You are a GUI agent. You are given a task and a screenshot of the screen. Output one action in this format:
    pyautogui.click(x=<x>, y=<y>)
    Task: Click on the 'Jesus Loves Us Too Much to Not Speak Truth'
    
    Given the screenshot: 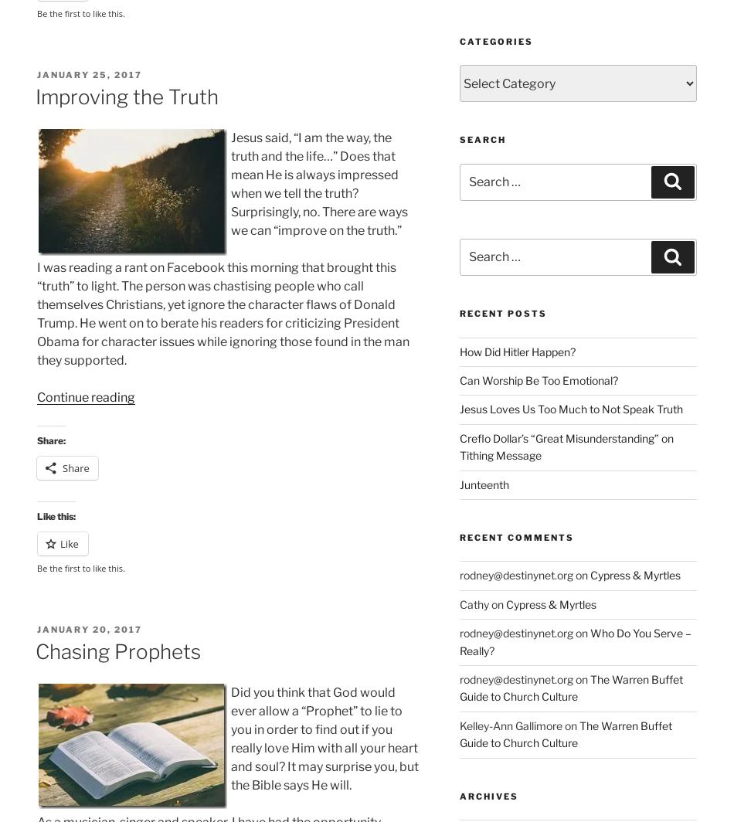 What is the action you would take?
    pyautogui.click(x=569, y=409)
    